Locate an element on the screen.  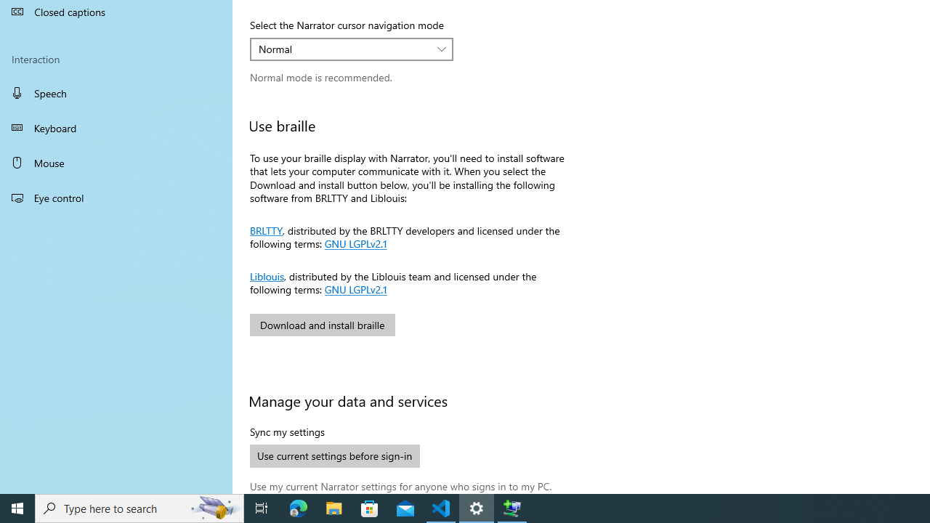
'BRLTTY' is located at coordinates (266, 229).